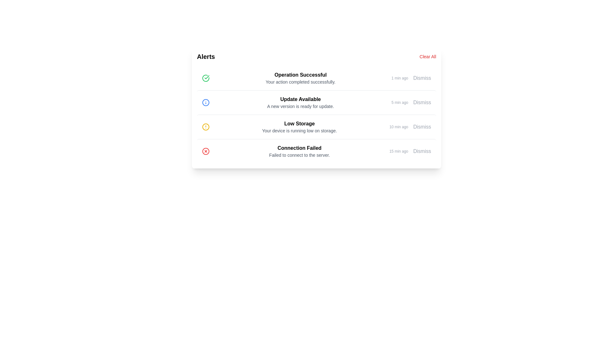 The image size is (609, 342). Describe the element at coordinates (206, 102) in the screenshot. I see `the circular SVG element indicating an informational state, located at the beginning of the second notification row in the 'Alerts' section, to the left of the title 'Update Available'` at that location.